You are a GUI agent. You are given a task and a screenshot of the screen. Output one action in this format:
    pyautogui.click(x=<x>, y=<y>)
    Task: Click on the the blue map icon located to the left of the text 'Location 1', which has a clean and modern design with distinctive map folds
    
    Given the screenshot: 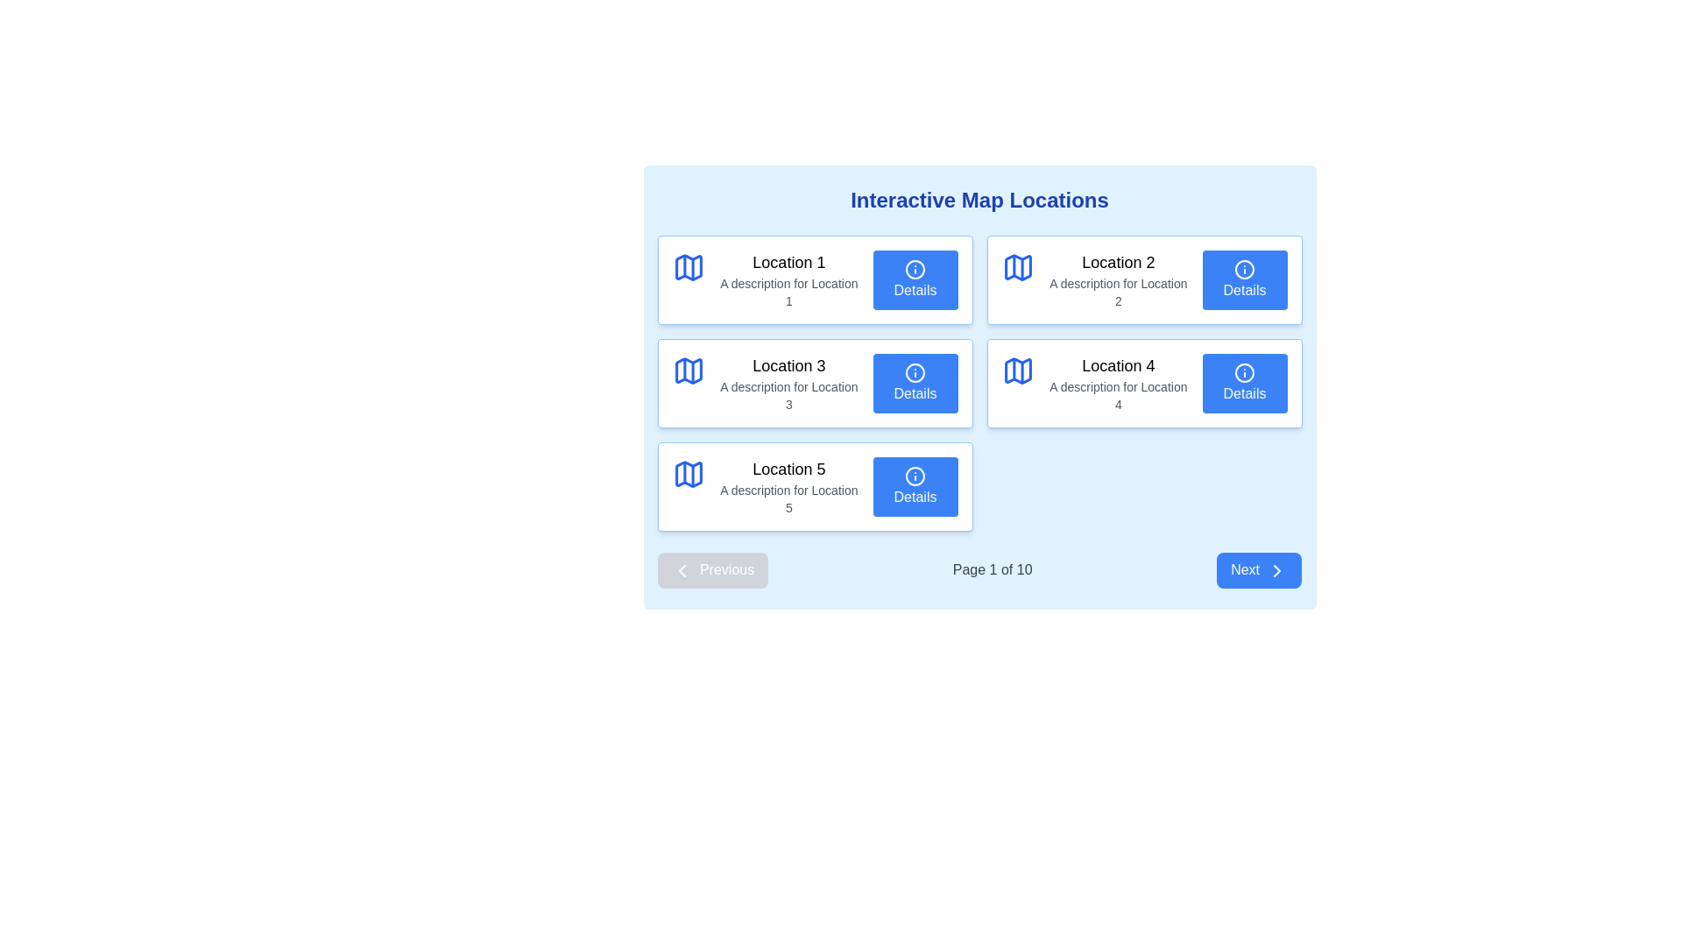 What is the action you would take?
    pyautogui.click(x=688, y=267)
    